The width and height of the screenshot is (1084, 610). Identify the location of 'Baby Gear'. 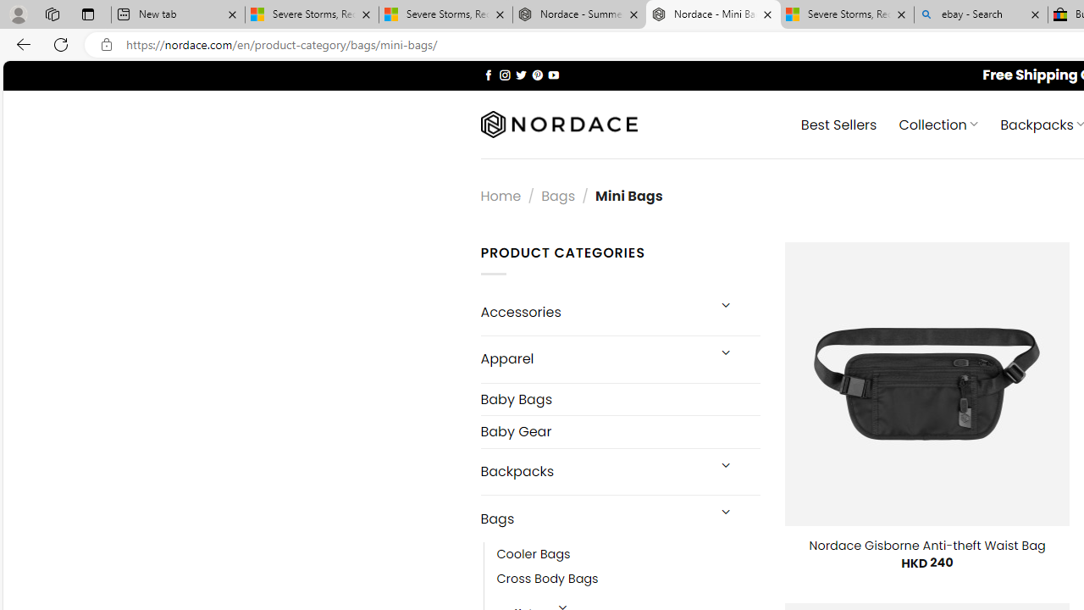
(619, 431).